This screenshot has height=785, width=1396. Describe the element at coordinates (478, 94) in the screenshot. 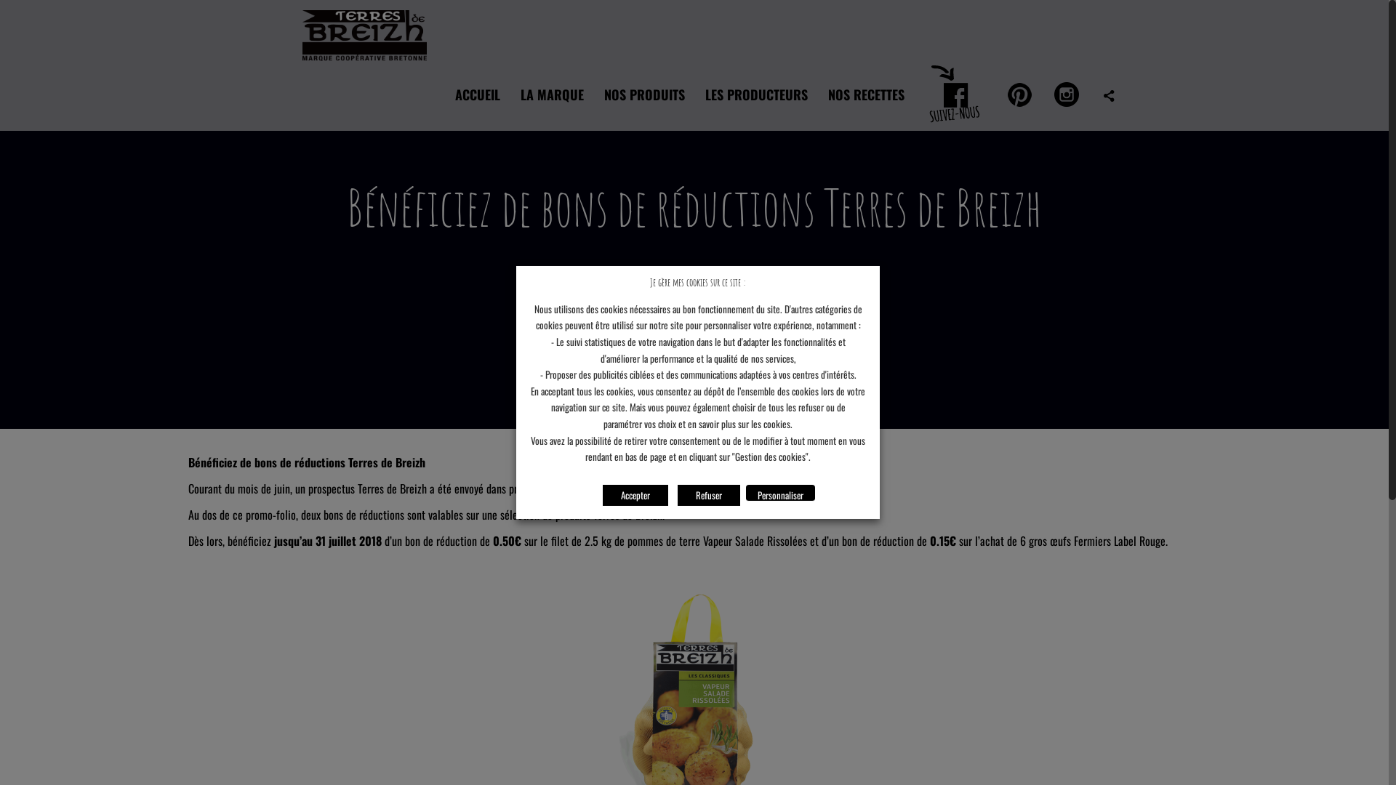

I see `'ACCUEIL'` at that location.